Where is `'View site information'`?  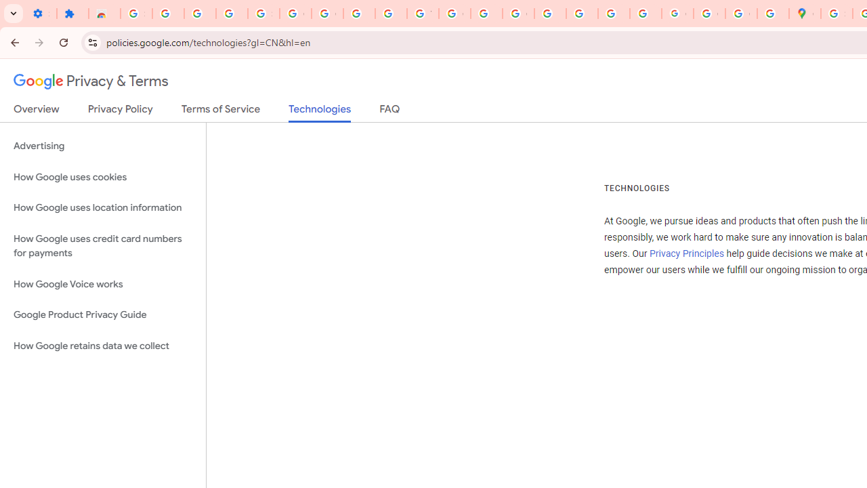
'View site information' is located at coordinates (91, 41).